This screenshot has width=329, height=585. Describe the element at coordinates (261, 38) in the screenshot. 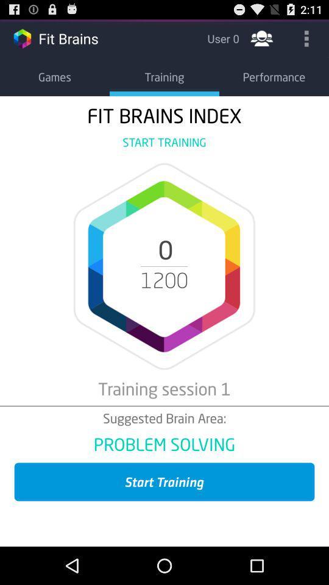

I see `icon above the performance` at that location.